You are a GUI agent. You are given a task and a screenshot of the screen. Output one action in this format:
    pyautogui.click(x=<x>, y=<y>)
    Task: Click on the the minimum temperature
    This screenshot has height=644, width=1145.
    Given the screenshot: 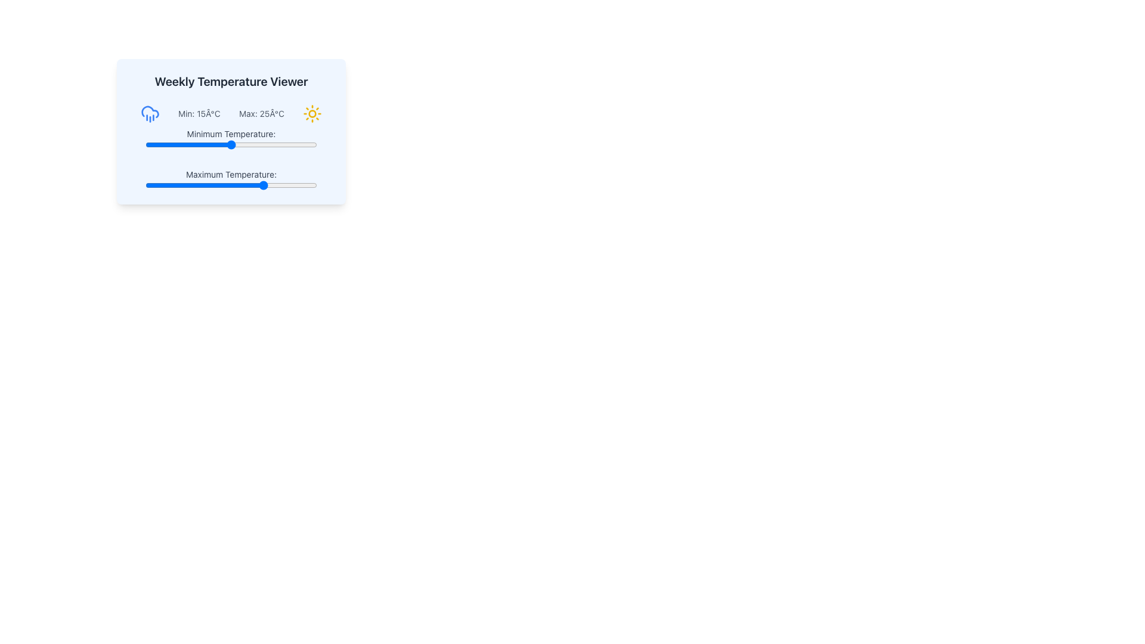 What is the action you would take?
    pyautogui.click(x=179, y=144)
    